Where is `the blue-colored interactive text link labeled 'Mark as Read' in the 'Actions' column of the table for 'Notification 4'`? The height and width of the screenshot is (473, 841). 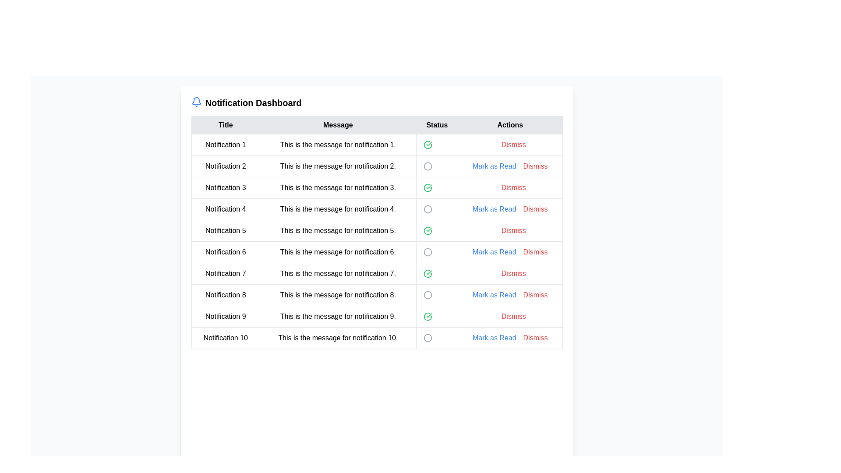 the blue-colored interactive text link labeled 'Mark as Read' in the 'Actions' column of the table for 'Notification 4' is located at coordinates (494, 209).